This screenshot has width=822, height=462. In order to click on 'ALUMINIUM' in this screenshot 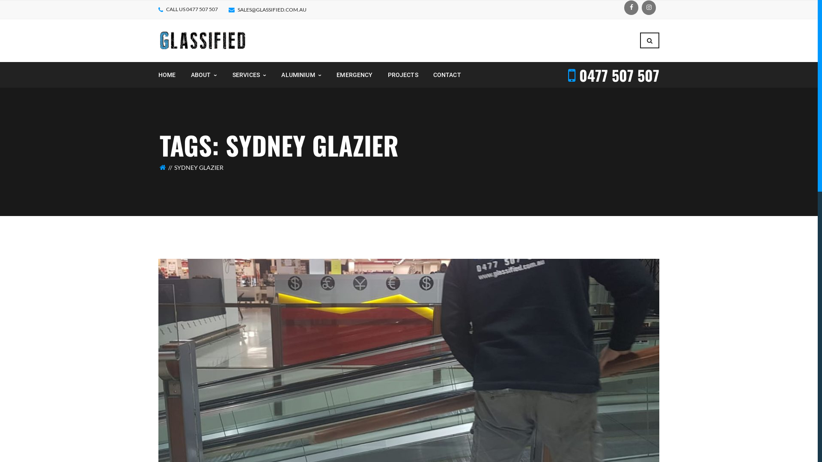, I will do `click(301, 74)`.